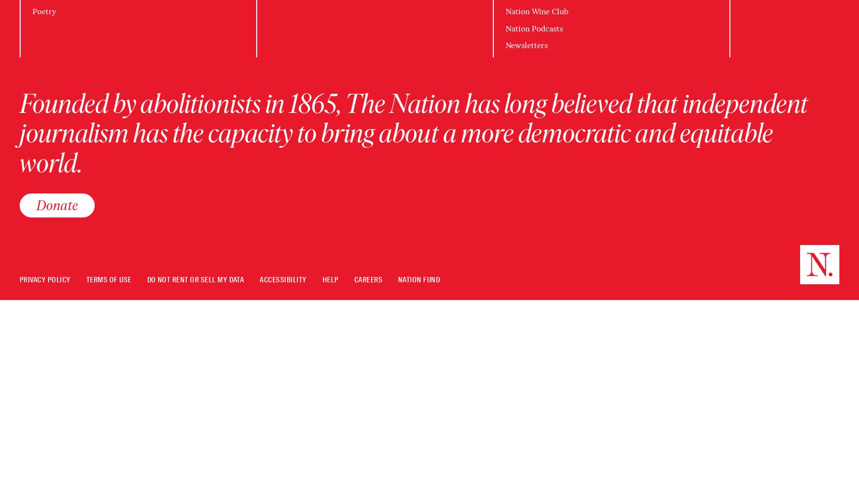  Describe the element at coordinates (44, 11) in the screenshot. I see `'Poetry'` at that location.